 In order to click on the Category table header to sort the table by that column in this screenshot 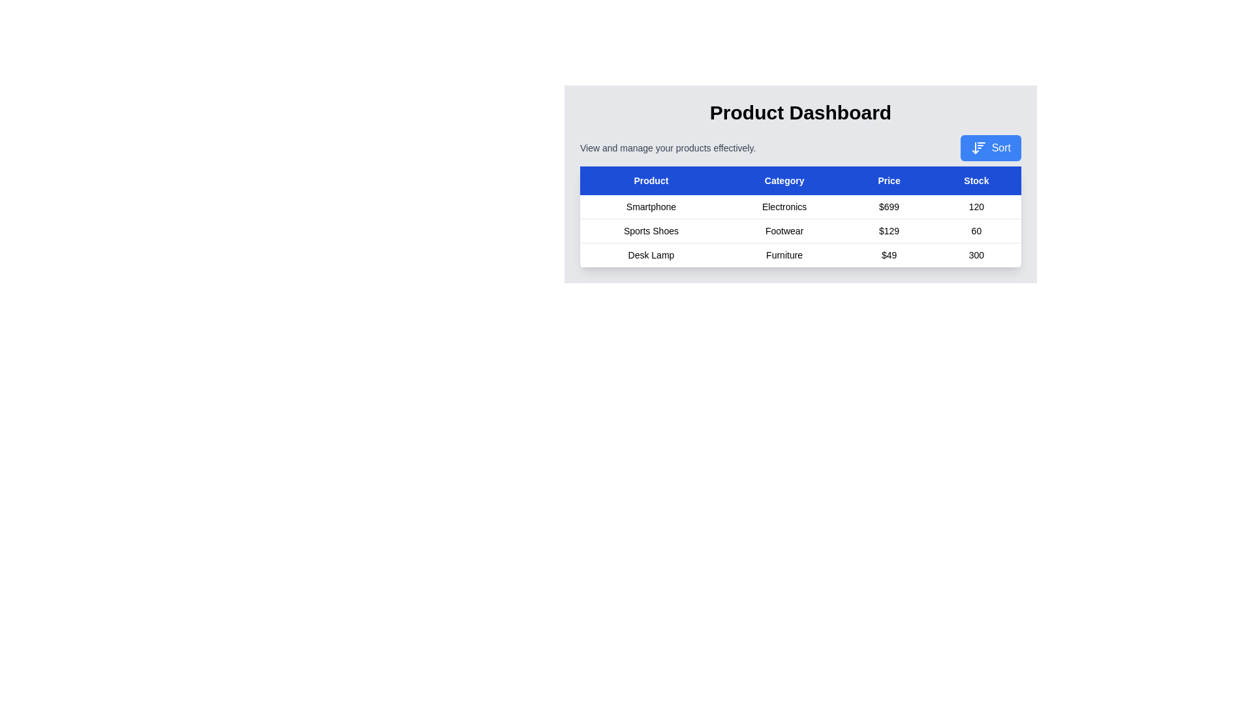, I will do `click(784, 181)`.